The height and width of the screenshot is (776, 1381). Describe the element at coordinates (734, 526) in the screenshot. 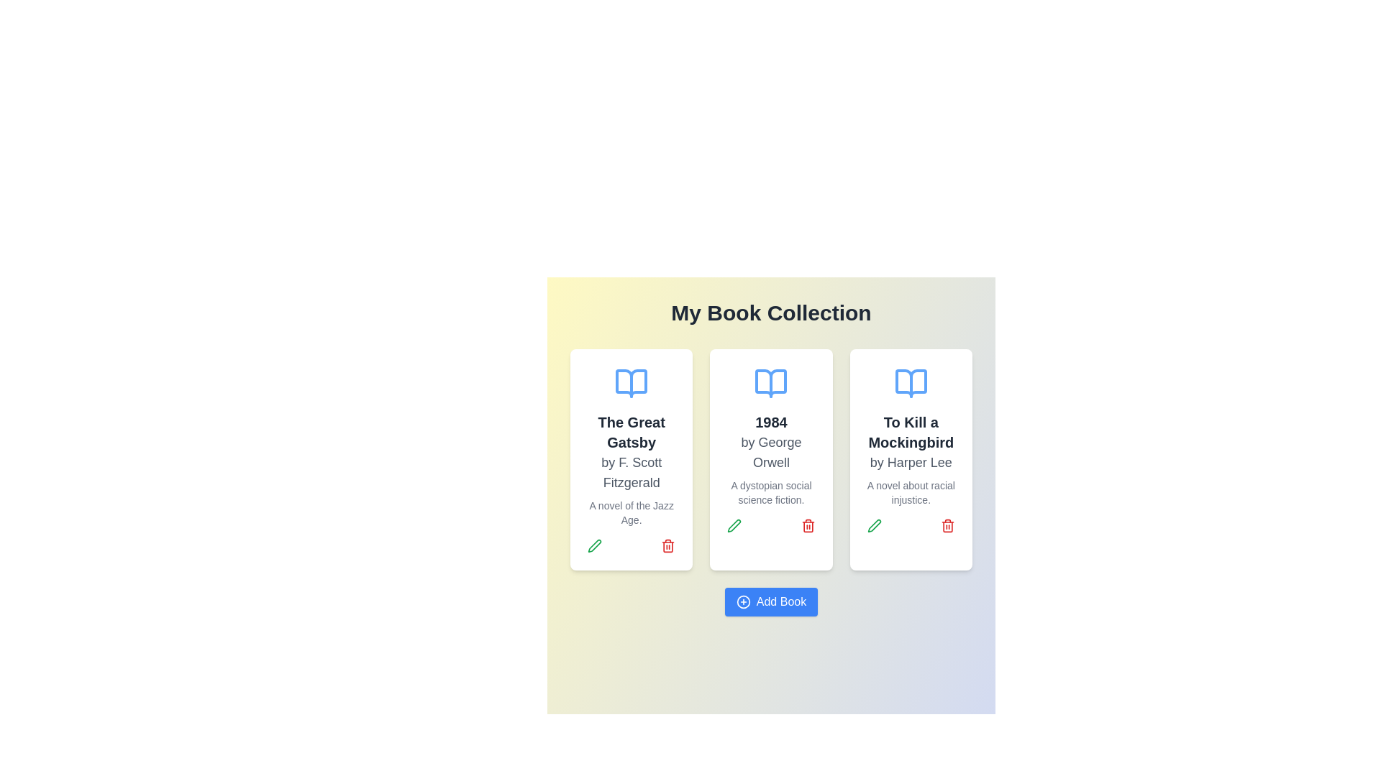

I see `the green outlined pencil icon used for editing, located on the card titled 'The Great Gatsby' in the 'My Book Collection' section` at that location.